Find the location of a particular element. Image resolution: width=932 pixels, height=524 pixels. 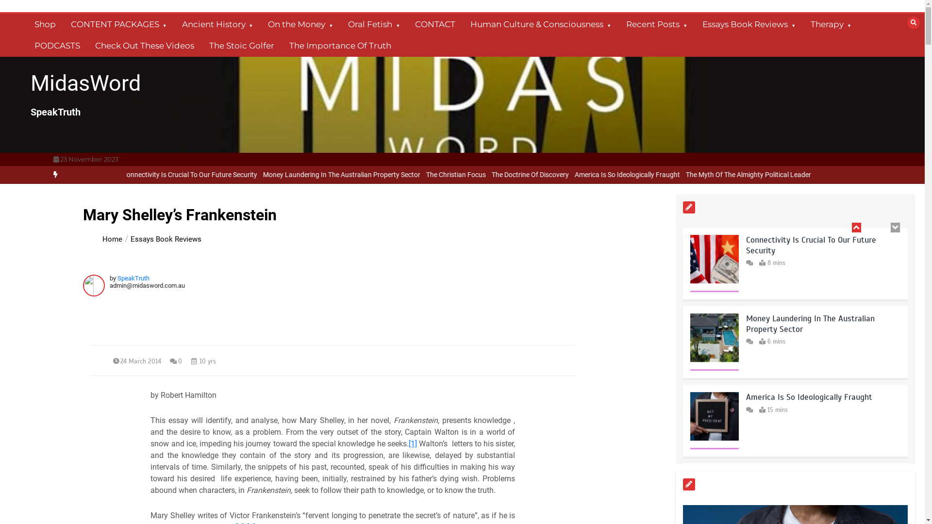

'On the Money' is located at coordinates (300, 24).